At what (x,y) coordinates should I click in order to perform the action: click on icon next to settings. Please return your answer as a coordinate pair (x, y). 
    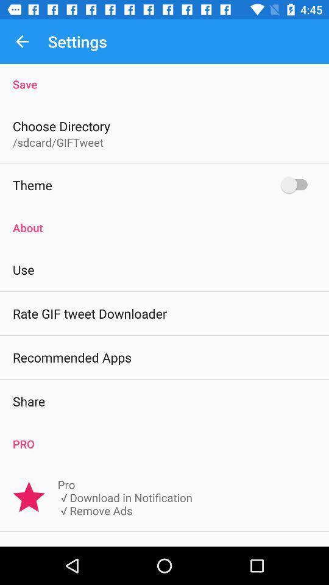
    Looking at the image, I should click on (22, 41).